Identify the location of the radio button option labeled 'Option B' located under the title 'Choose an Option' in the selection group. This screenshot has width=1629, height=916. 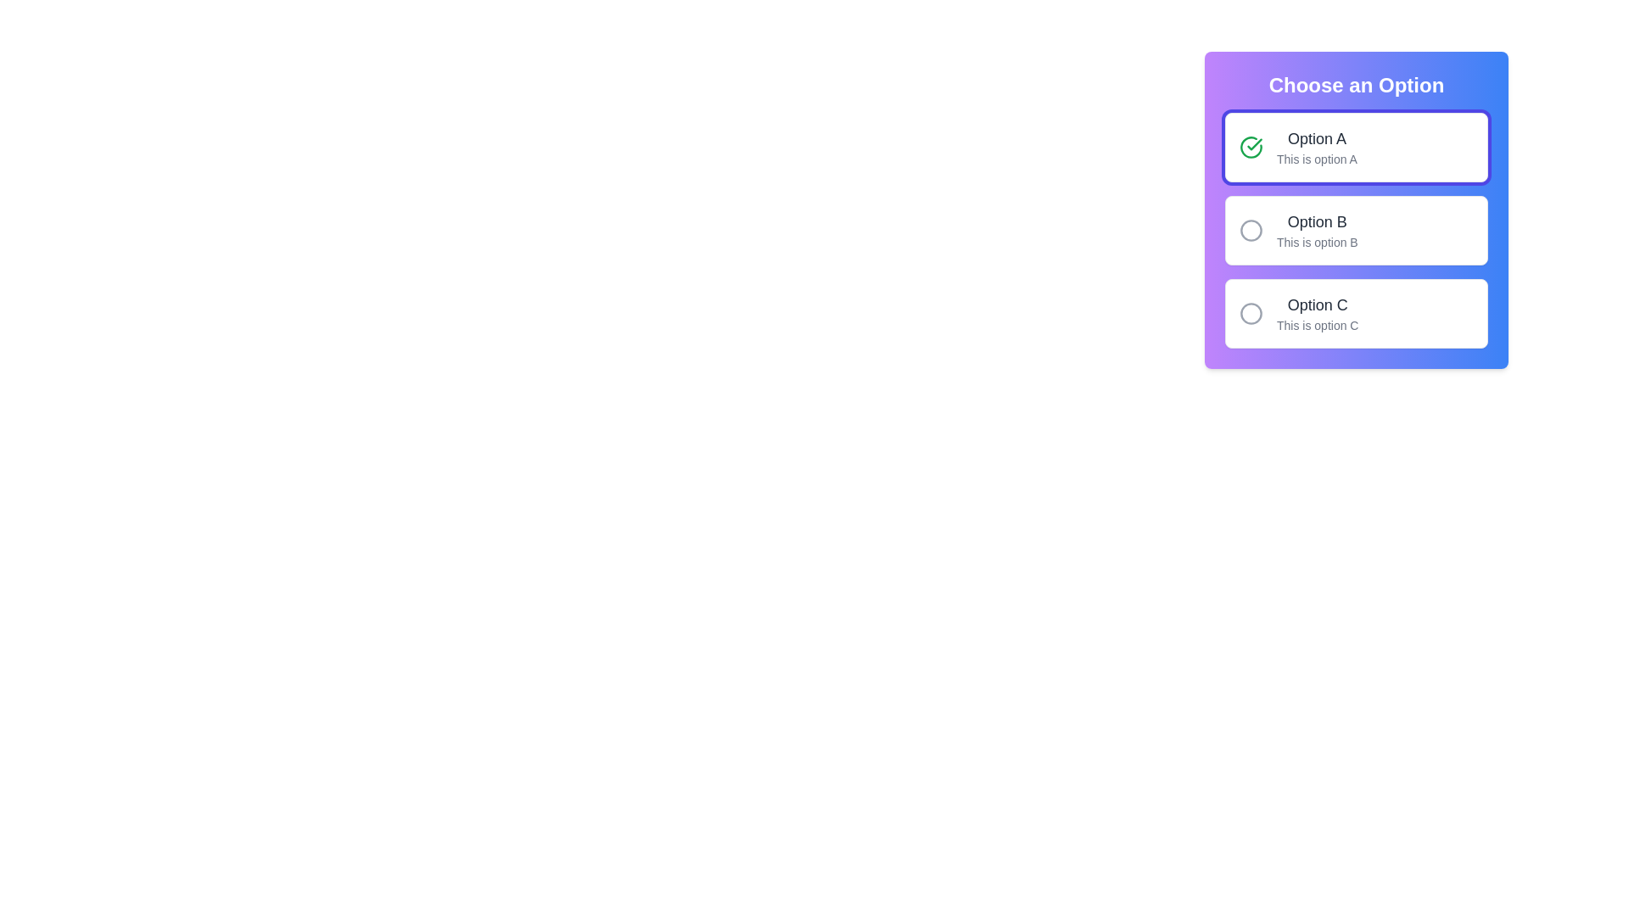
(1355, 209).